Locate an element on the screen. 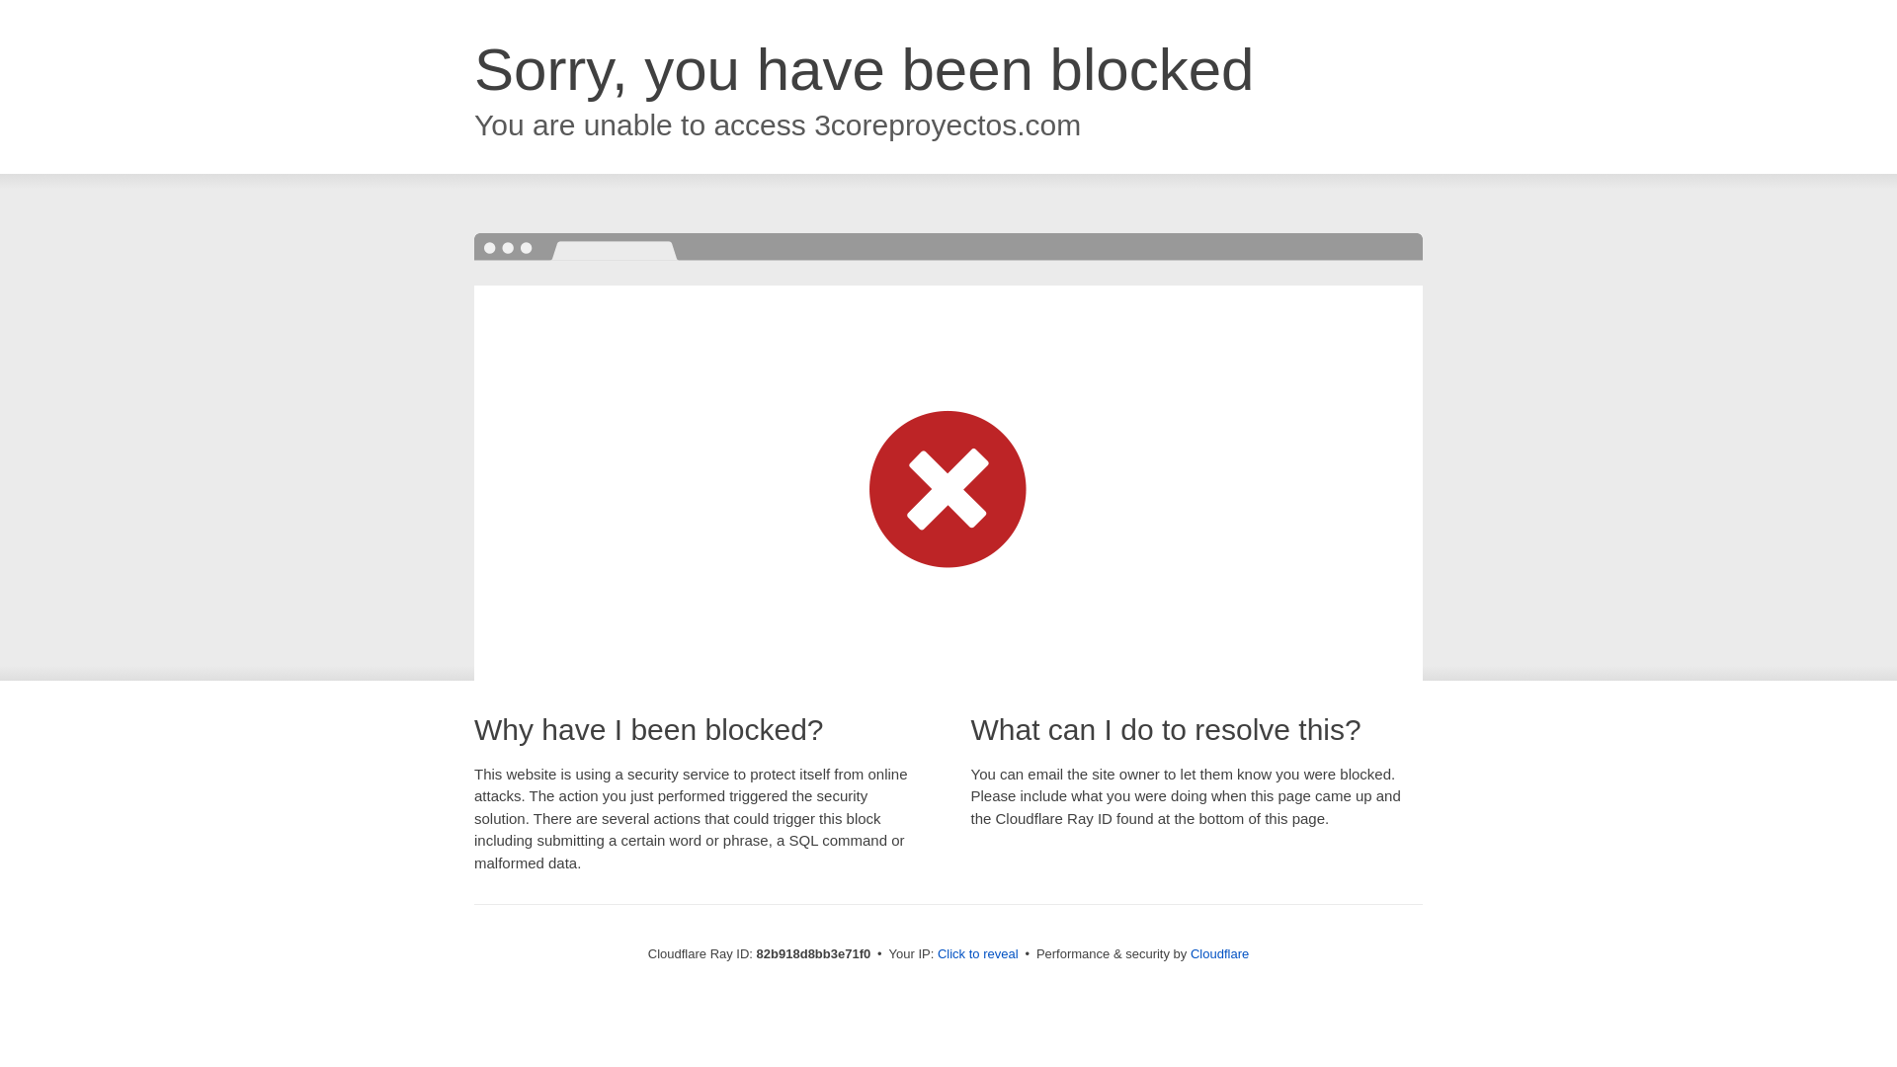 This screenshot has width=1897, height=1067. 'Click to reveal' is located at coordinates (977, 952).